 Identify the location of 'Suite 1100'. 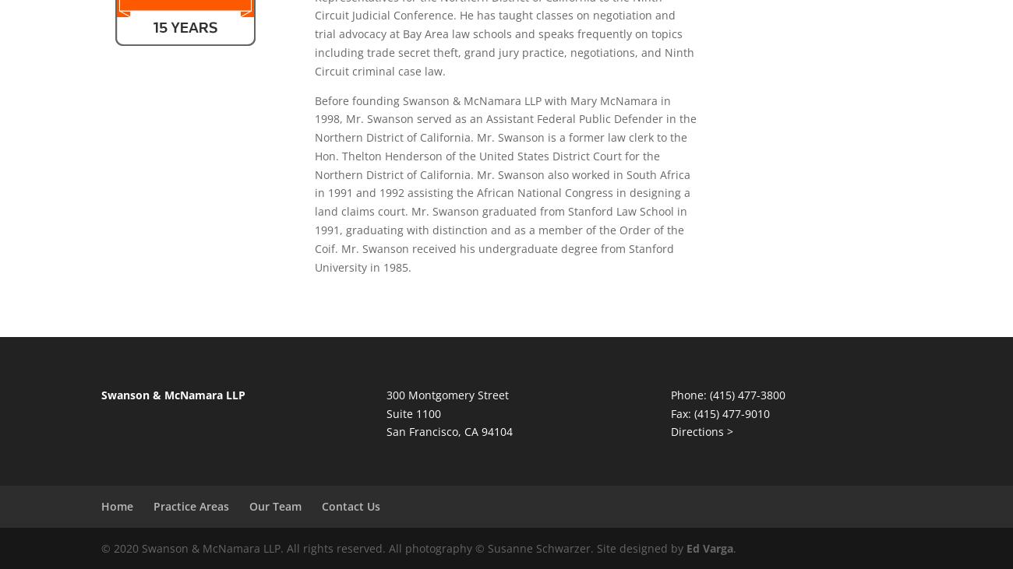
(413, 412).